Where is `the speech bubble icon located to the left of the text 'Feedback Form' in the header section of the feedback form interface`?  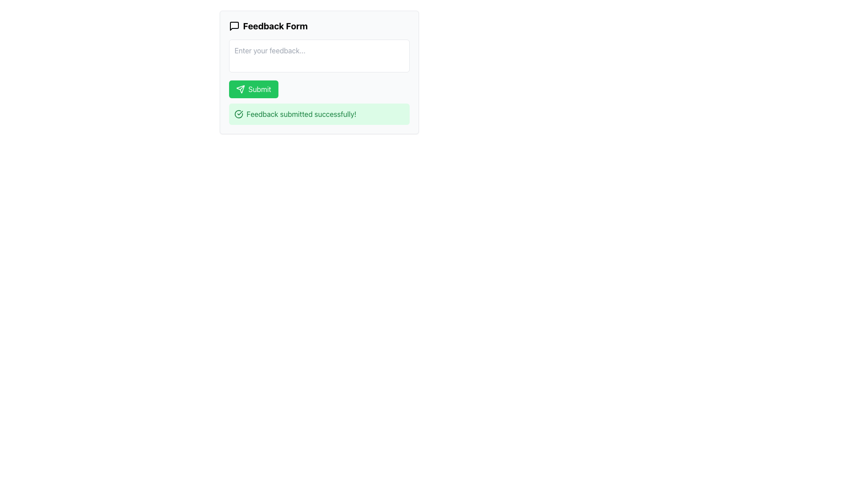 the speech bubble icon located to the left of the text 'Feedback Form' in the header section of the feedback form interface is located at coordinates (234, 25).